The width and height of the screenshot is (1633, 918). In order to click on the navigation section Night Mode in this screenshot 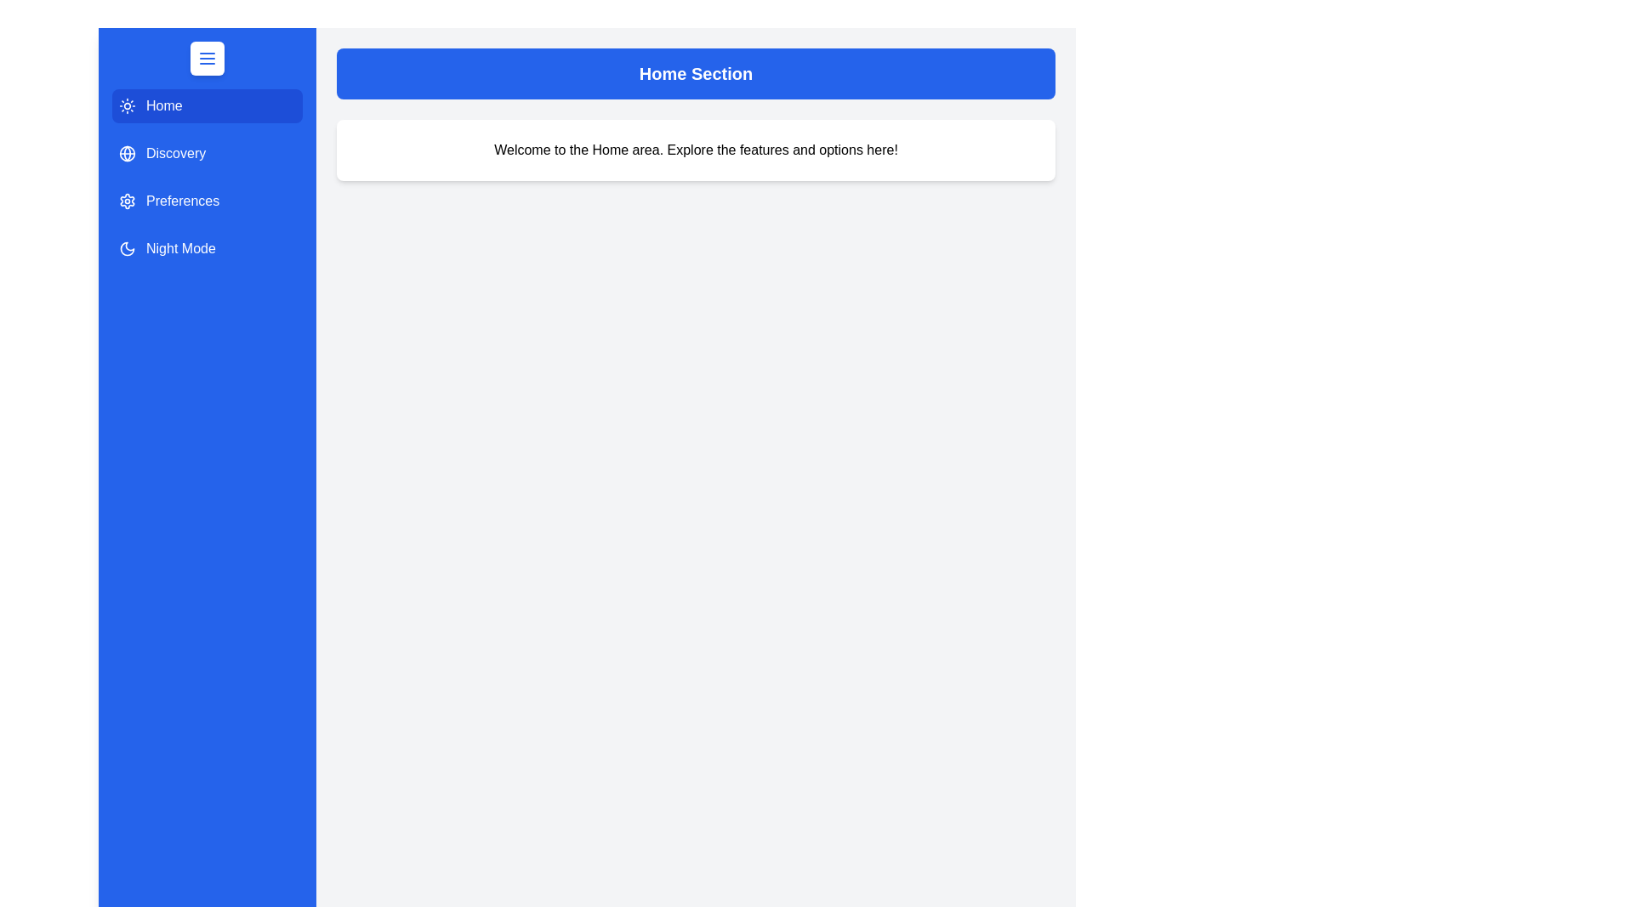, I will do `click(207, 249)`.